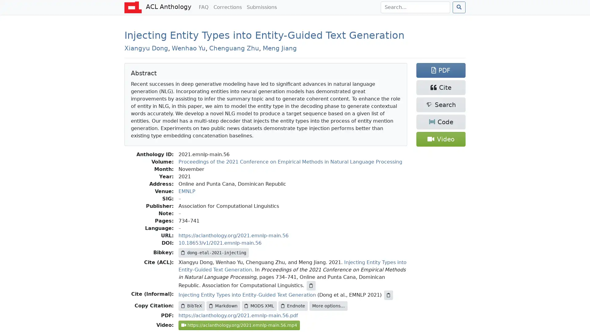 Image resolution: width=590 pixels, height=332 pixels. What do you see at coordinates (259, 306) in the screenshot?
I see `MODS XML` at bounding box center [259, 306].